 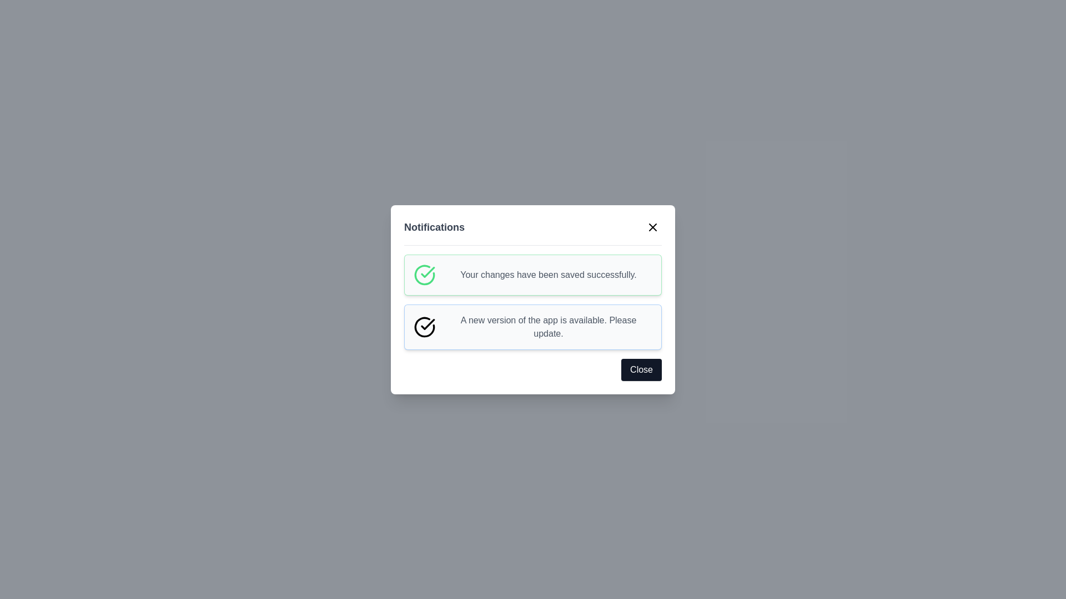 What do you see at coordinates (533, 274) in the screenshot?
I see `the information in the first notification box that says 'Your changes have been saved successfully.'` at bounding box center [533, 274].